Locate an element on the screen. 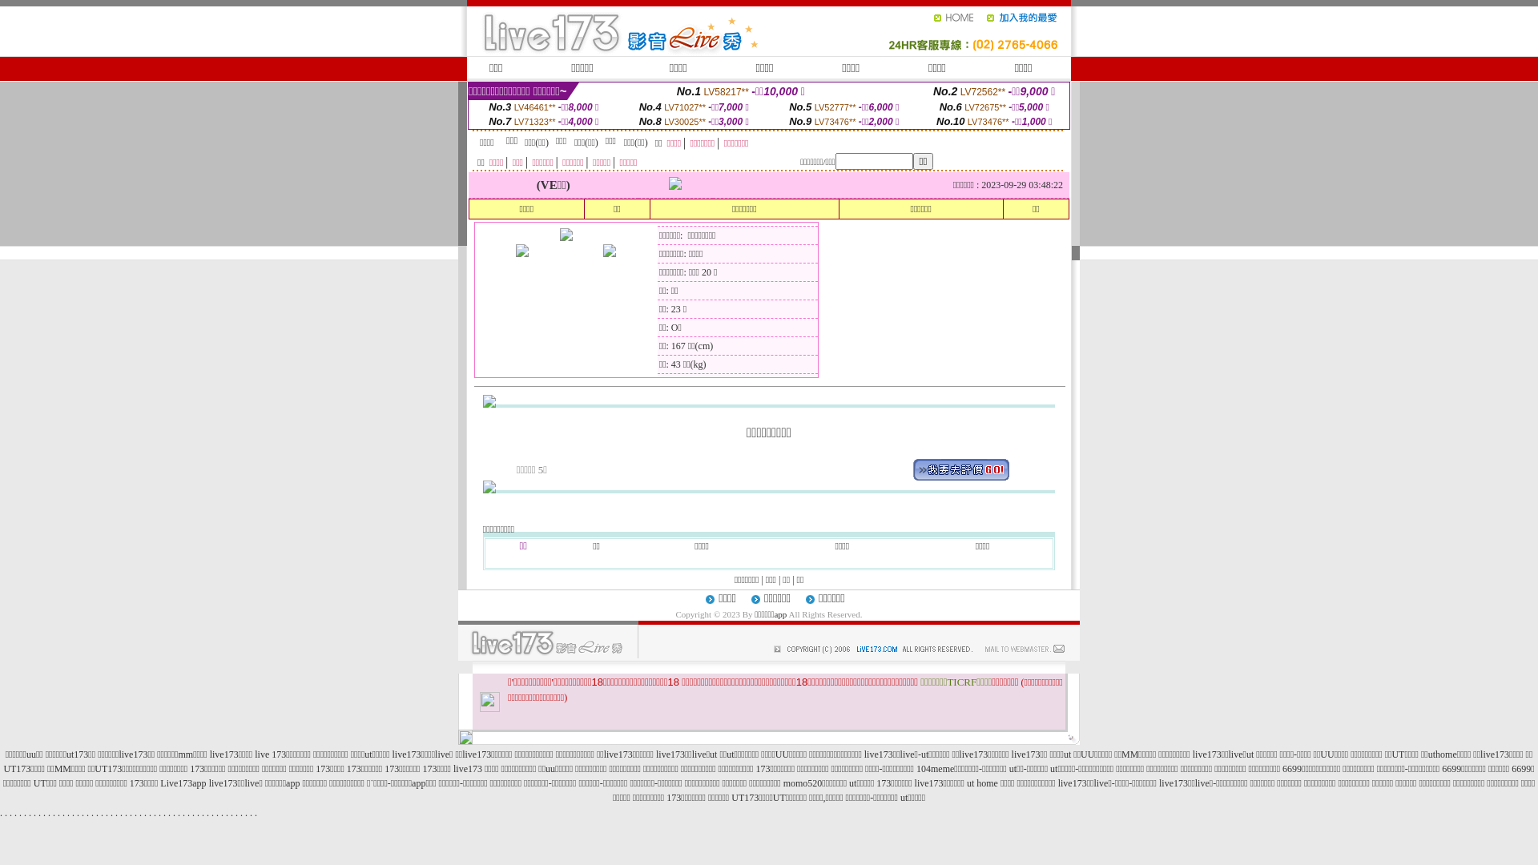 The width and height of the screenshot is (1538, 865). 'Live173app' is located at coordinates (183, 783).